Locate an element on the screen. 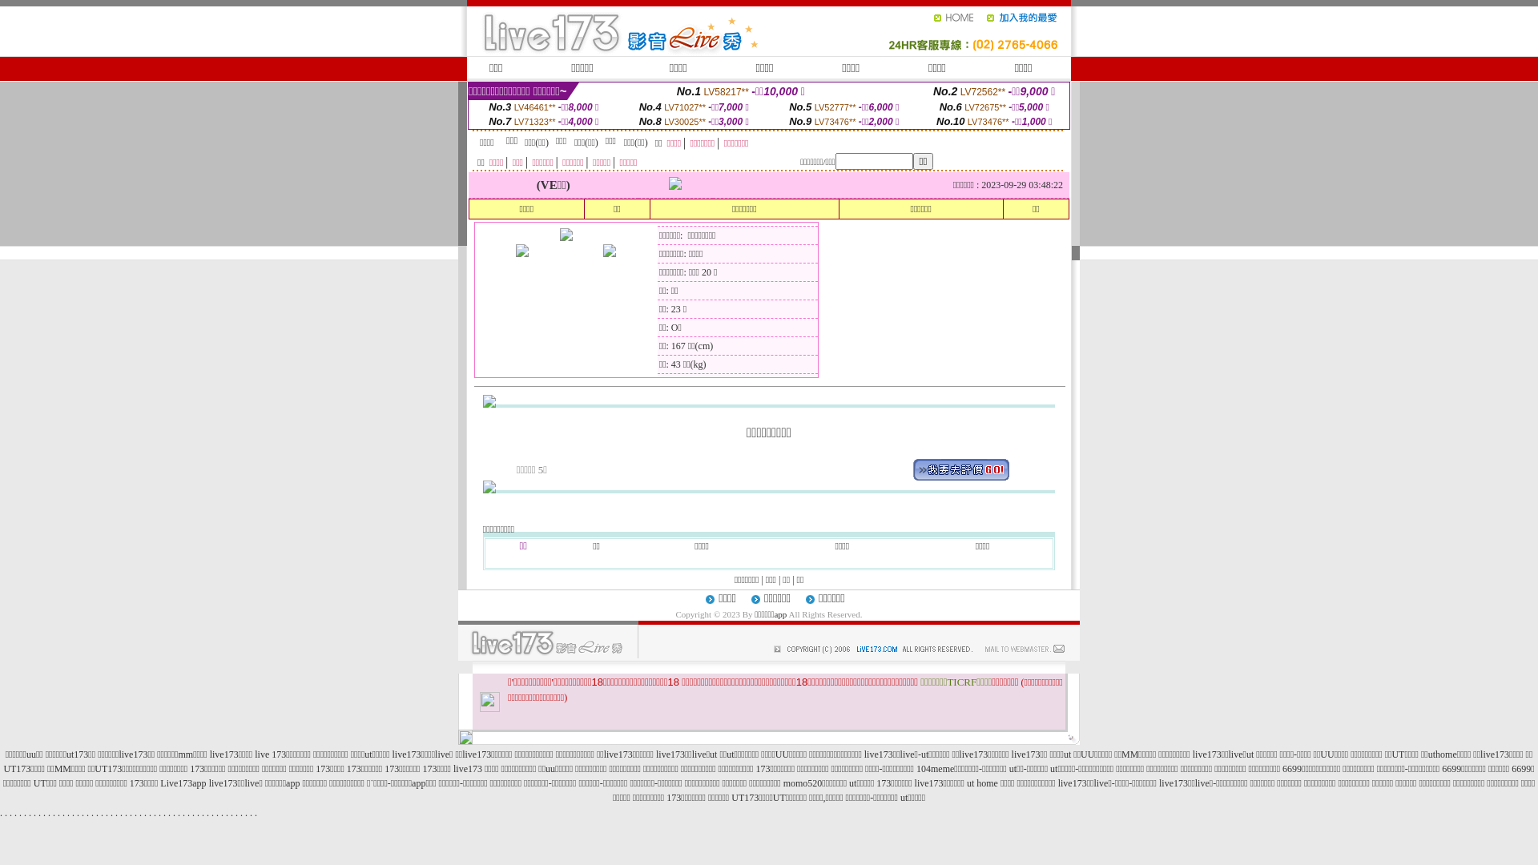 The width and height of the screenshot is (1538, 865). 'Live173app' is located at coordinates (183, 783).